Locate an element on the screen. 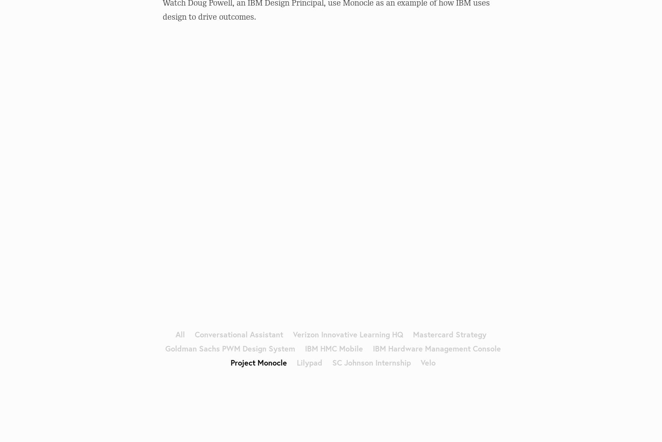 This screenshot has width=662, height=442. 'Velo' is located at coordinates (427, 361).